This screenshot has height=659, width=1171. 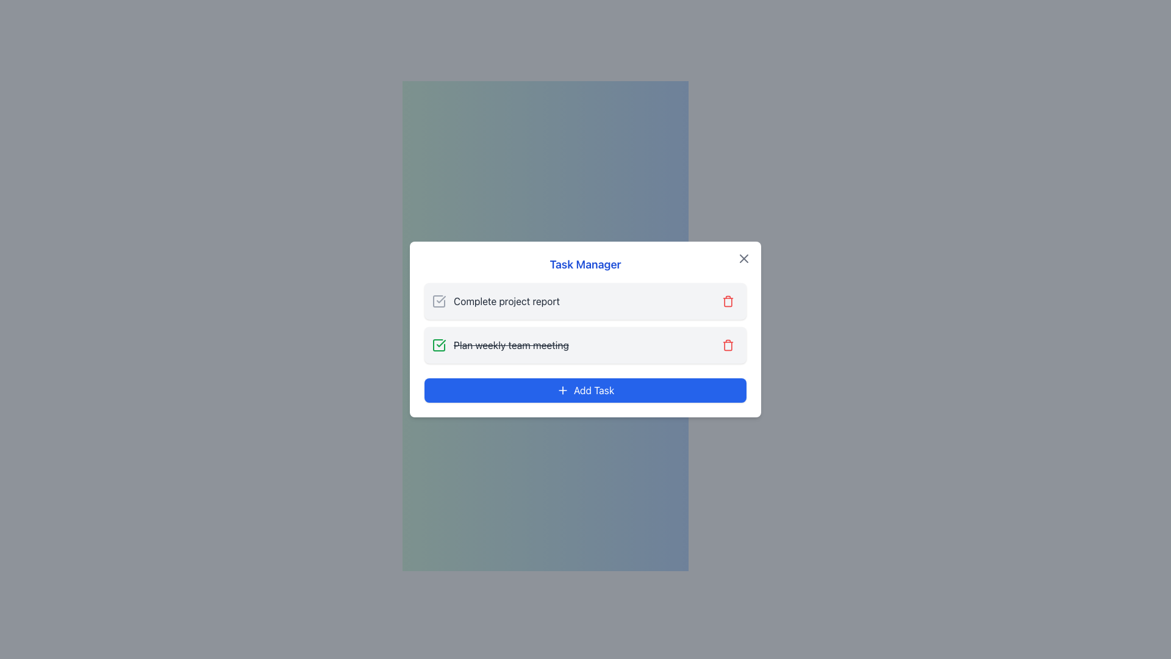 What do you see at coordinates (562, 391) in the screenshot?
I see `the small plus sign icon with a white outline against a blue background located to the left of the 'Add Task' text in the button at the center bottom of the modal window` at bounding box center [562, 391].